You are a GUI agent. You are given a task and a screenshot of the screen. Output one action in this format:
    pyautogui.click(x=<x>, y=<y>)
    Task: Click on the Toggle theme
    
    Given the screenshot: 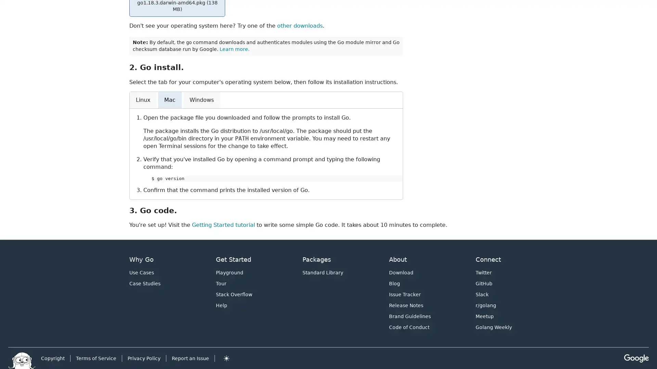 What is the action you would take?
    pyautogui.click(x=227, y=358)
    